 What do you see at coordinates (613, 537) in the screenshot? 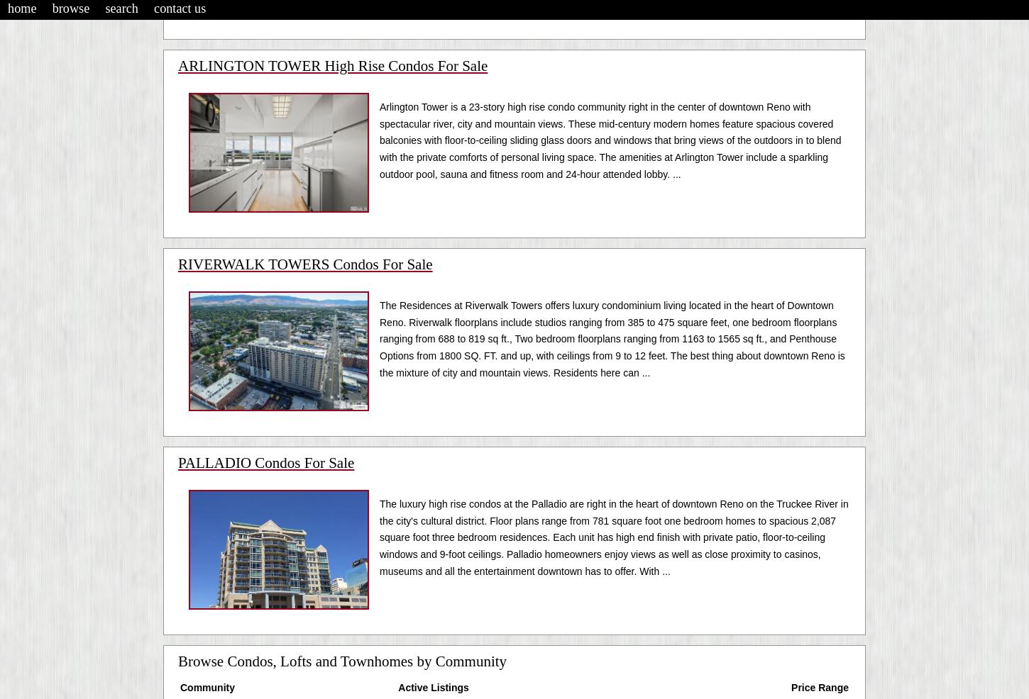
I see `'The luxury high rise condos at the Palladio are right in the heart of downtown Reno on the Truckee River in the city's cultural district. Floor plans range from 781 square foot one bedroom homes to spacious 2,087 square foot three bedroom residences. Each unit has high end finish with private patio, floor-to-ceiling windows and 9-foot ceilings. 

Palladio homeowners enjoy views as well as close proximity to casinos, museums and all the entertainment downtown has to offer. With ...'` at bounding box center [613, 537].